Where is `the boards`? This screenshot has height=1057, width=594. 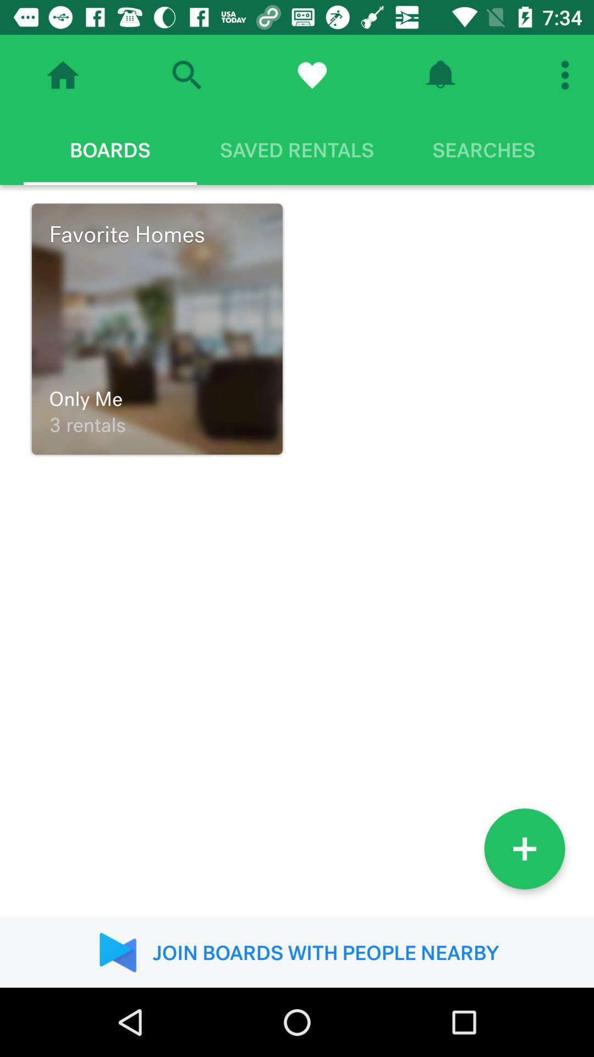 the boards is located at coordinates (110, 150).